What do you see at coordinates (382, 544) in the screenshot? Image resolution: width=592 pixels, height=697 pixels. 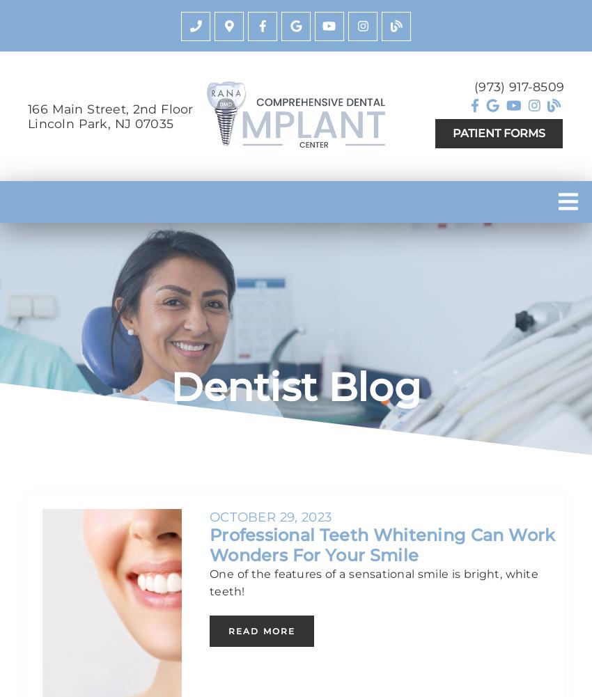 I see `'Professional Teeth Whitening Can Work Wonders For Your Smile'` at bounding box center [382, 544].